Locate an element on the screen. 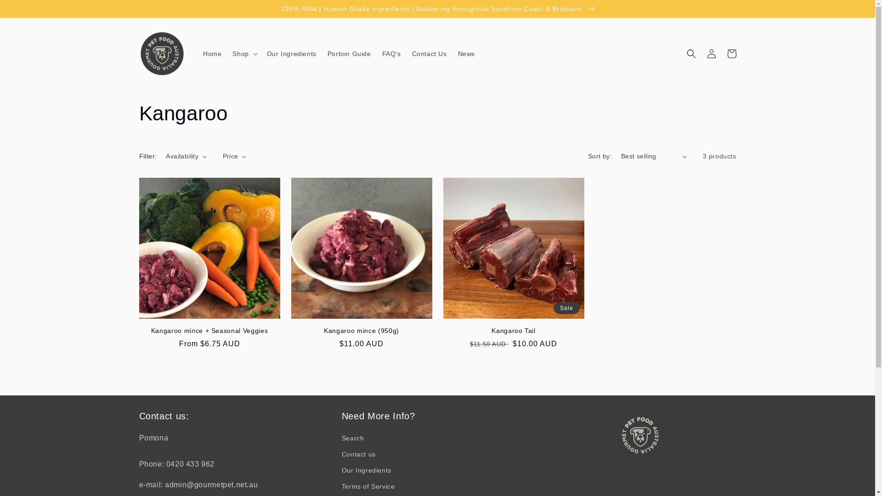 The height and width of the screenshot is (496, 882). 'News' is located at coordinates (466, 53).